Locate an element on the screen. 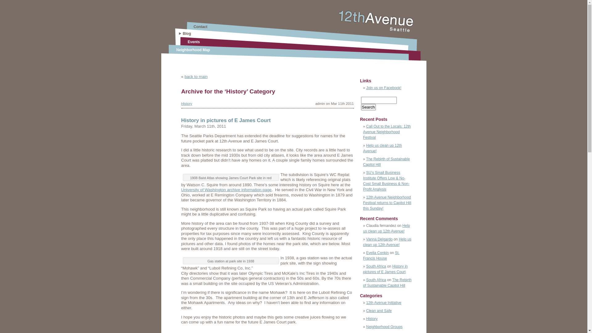  'History' is located at coordinates (186, 103).